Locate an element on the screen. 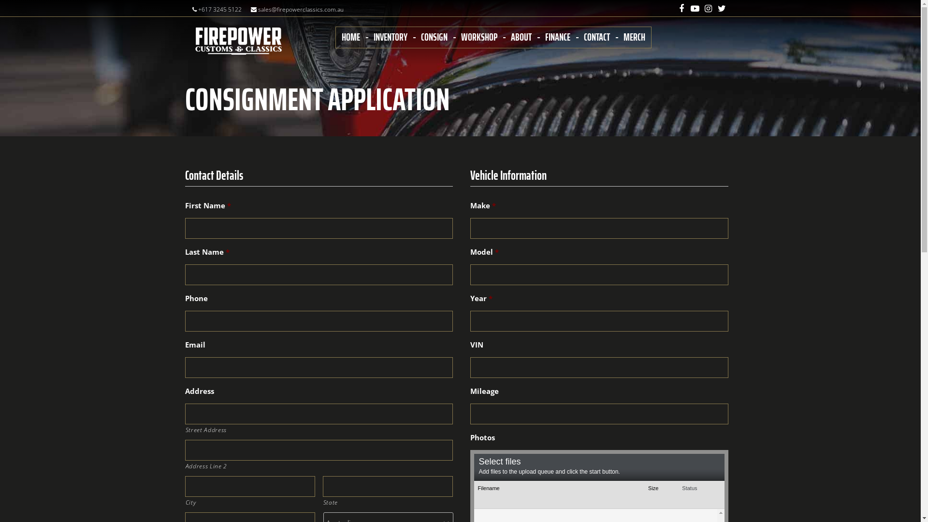 The height and width of the screenshot is (522, 928). 'Instagram' is located at coordinates (708, 8).